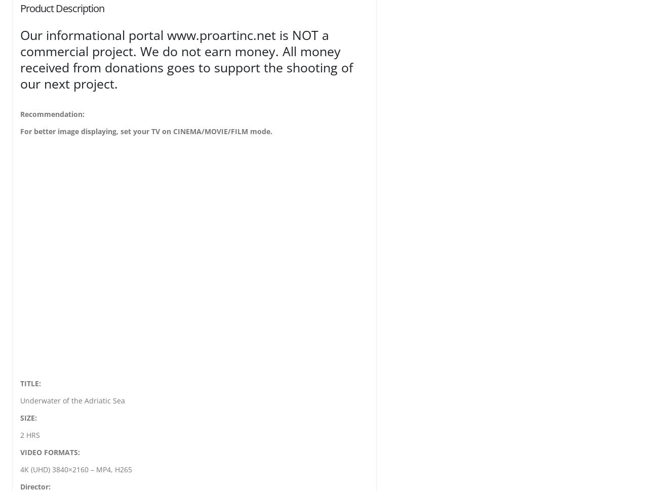 Image resolution: width=646 pixels, height=491 pixels. I want to click on '2 HRS', so click(20, 434).